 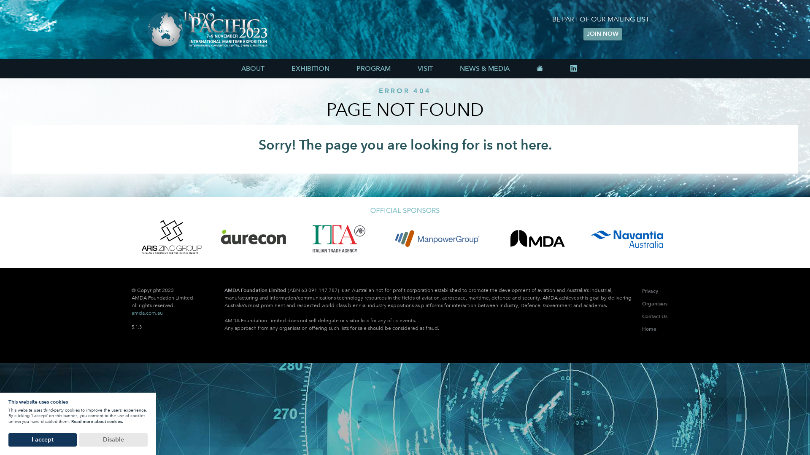 What do you see at coordinates (344, 68) in the screenshot?
I see `'PROGRAM'` at bounding box center [344, 68].